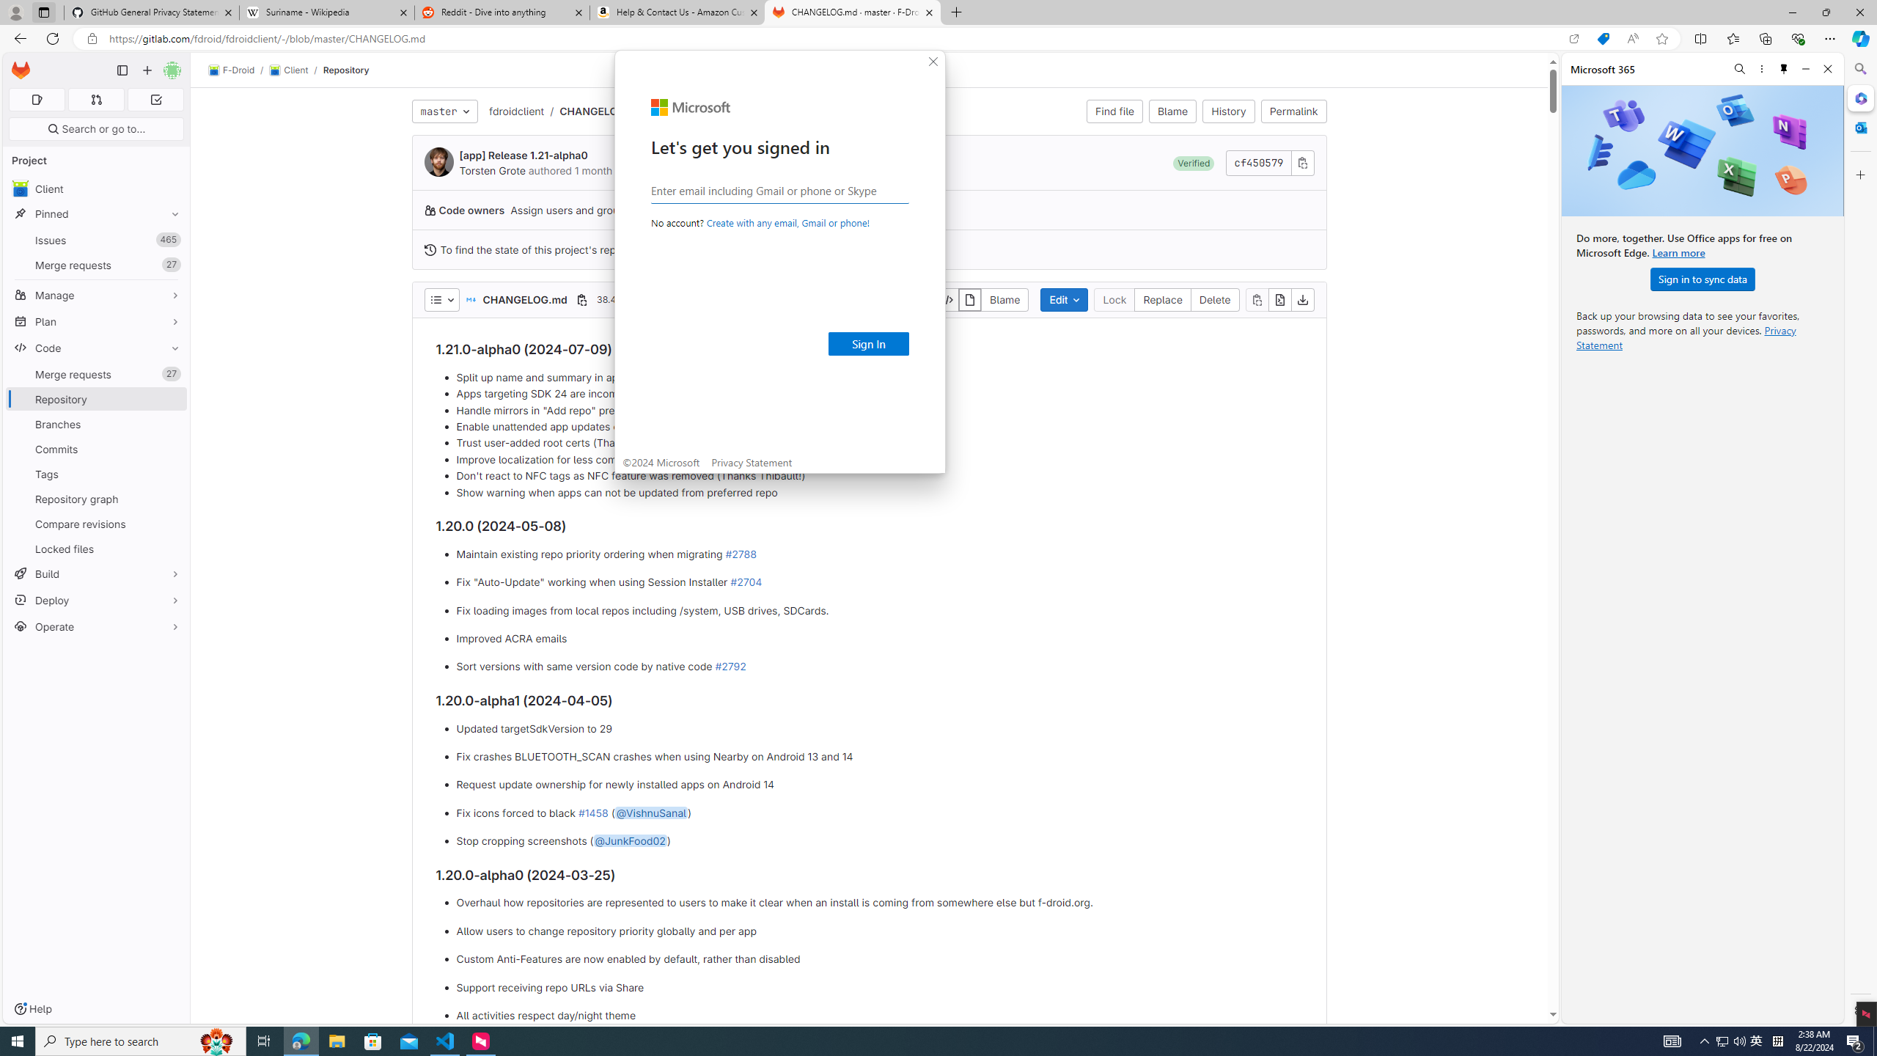 This screenshot has height=1056, width=1877. What do you see at coordinates (171, 548) in the screenshot?
I see `'Pin Locked files'` at bounding box center [171, 548].